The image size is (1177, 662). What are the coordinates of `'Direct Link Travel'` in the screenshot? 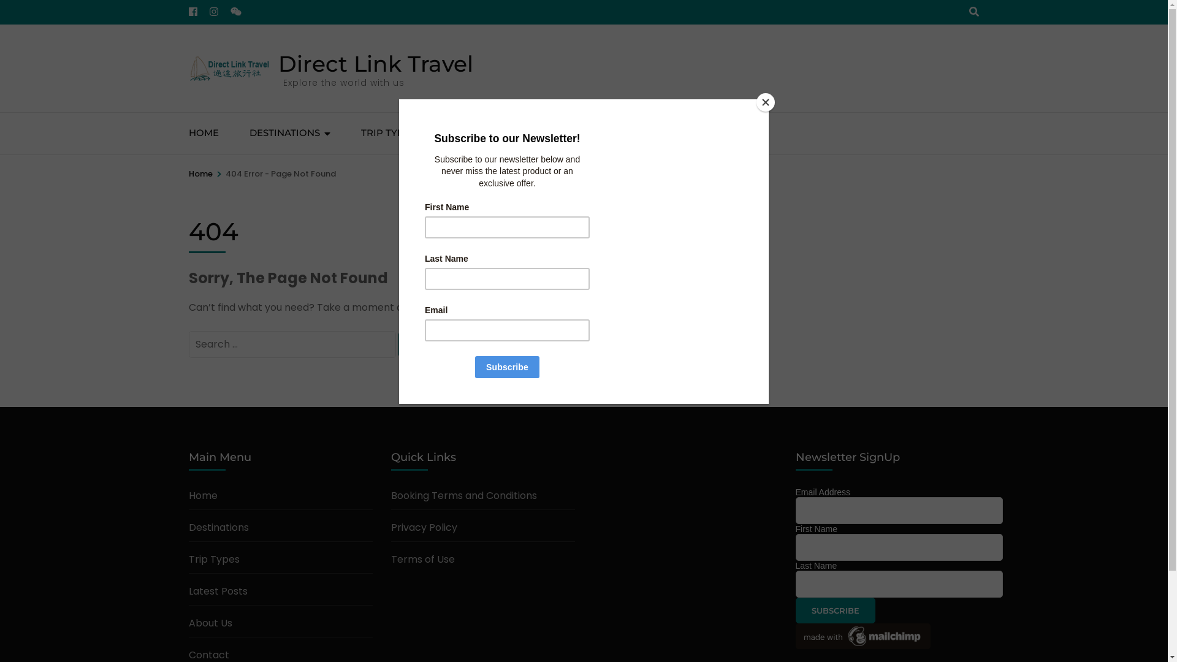 It's located at (375, 64).